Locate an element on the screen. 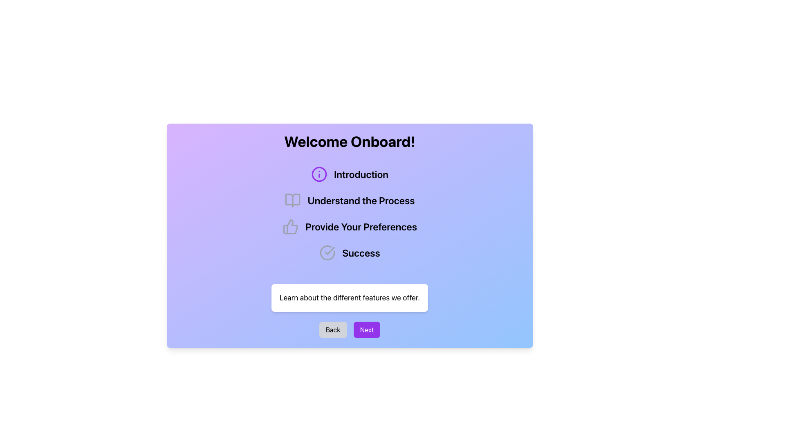 Image resolution: width=785 pixels, height=442 pixels. the SVG Icon representing the selection of the 'Provide Your Preferences' step in the onboarding process by moving to its center point is located at coordinates (290, 227).